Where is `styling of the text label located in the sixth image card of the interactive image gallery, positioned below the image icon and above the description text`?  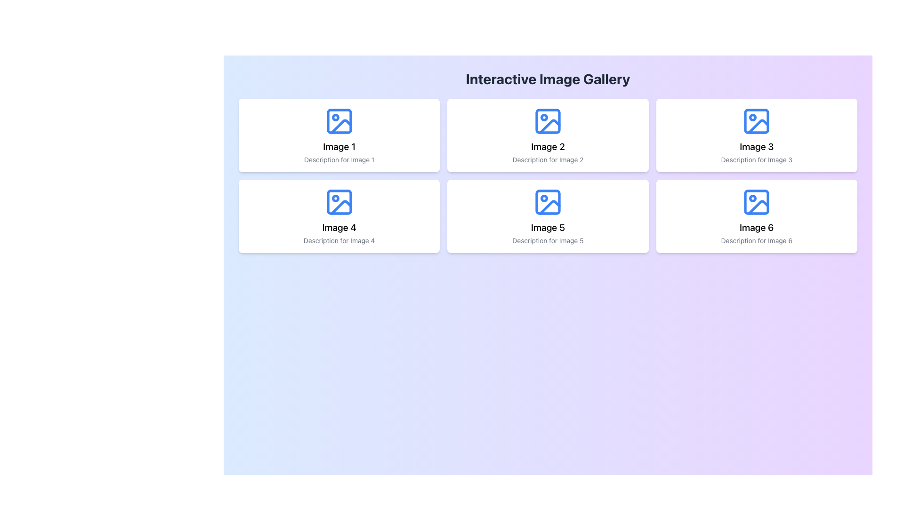 styling of the text label located in the sixth image card of the interactive image gallery, positioned below the image icon and above the description text is located at coordinates (757, 227).